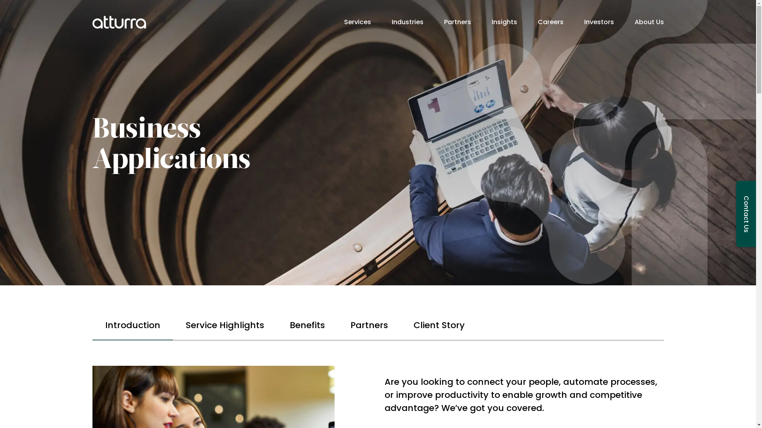  Describe the element at coordinates (307, 325) in the screenshot. I see `'Benefits'` at that location.